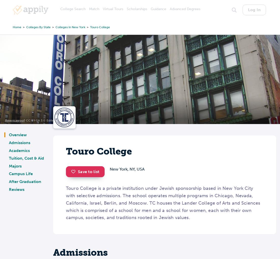 This screenshot has height=259, width=280. I want to click on 'Home', so click(12, 27).